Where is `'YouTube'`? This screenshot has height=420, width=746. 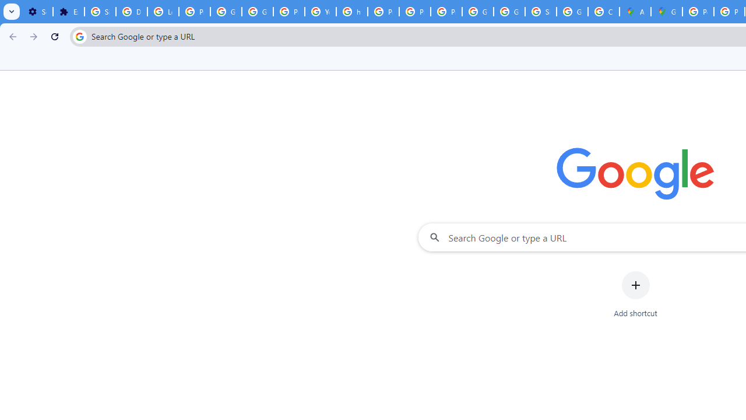 'YouTube' is located at coordinates (321, 12).